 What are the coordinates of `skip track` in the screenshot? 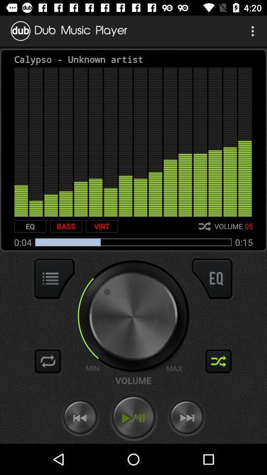 It's located at (186, 417).